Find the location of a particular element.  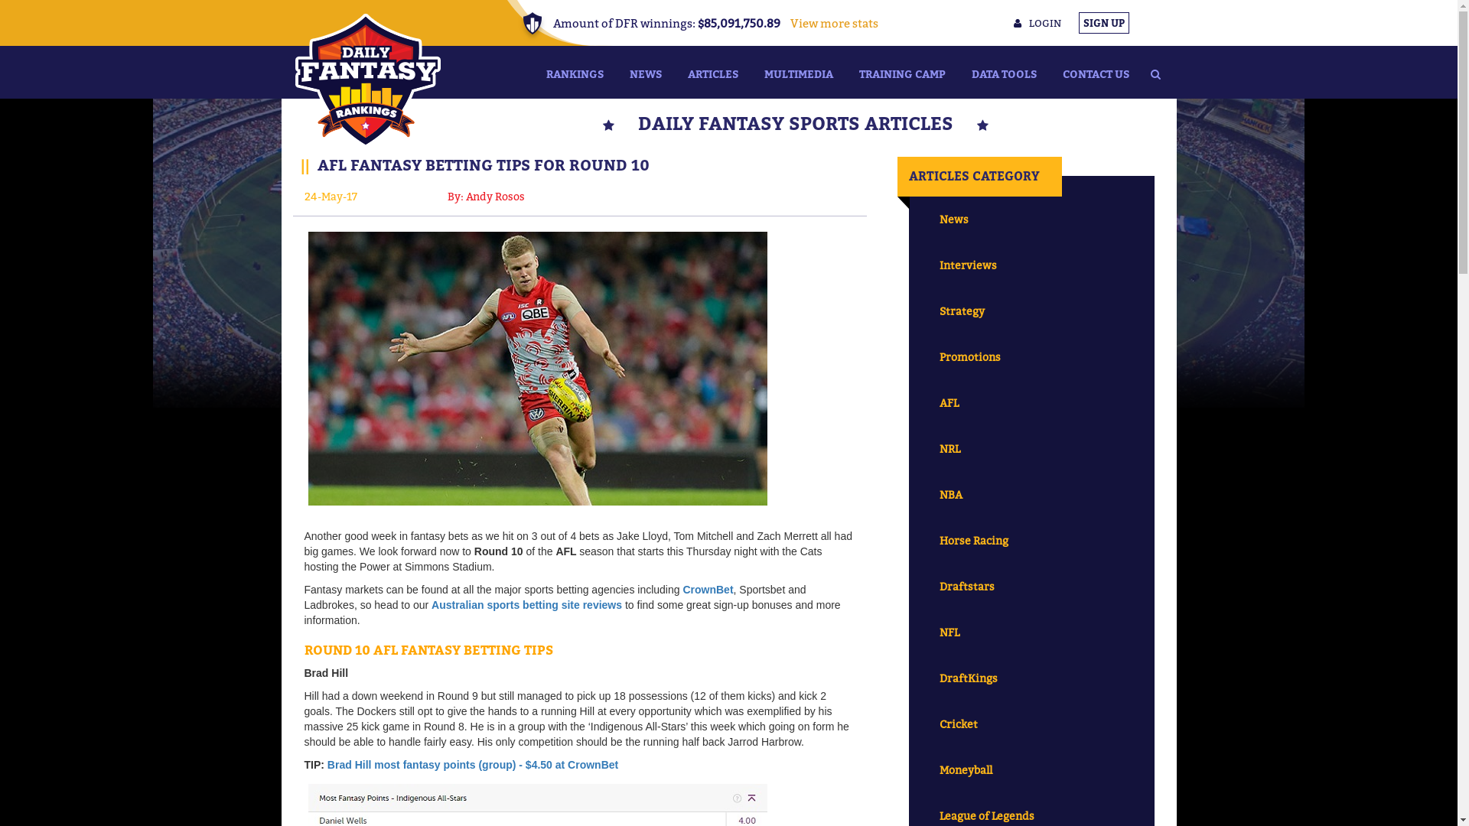

'LOGIN' is located at coordinates (1036, 23).